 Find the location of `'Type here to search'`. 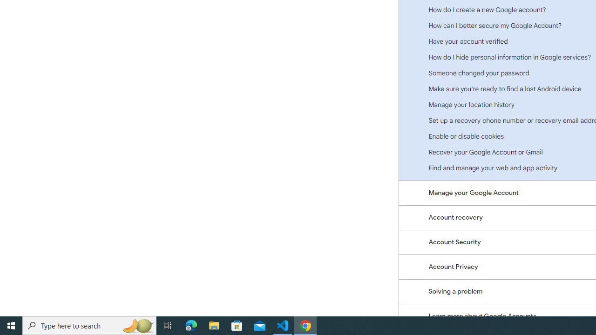

'Type here to search' is located at coordinates (89, 325).